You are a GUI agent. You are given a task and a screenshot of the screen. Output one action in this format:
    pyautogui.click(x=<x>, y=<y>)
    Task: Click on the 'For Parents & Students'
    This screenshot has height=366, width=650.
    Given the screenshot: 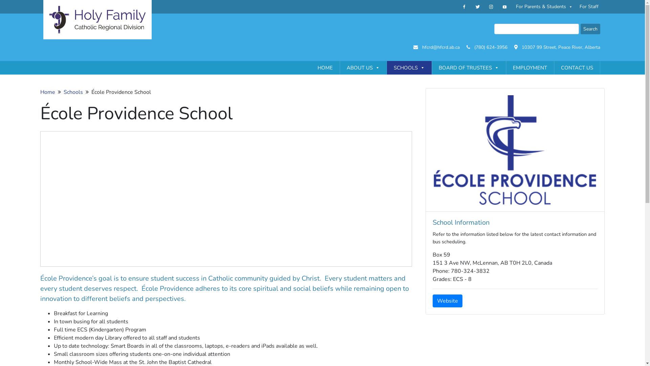 What is the action you would take?
    pyautogui.click(x=544, y=6)
    